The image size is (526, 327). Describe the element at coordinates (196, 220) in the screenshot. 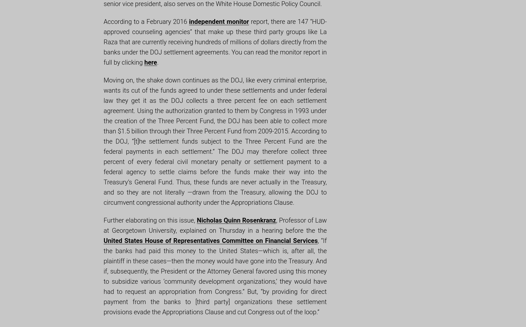

I see `'Nicholas Quinn Rosenkranz'` at that location.